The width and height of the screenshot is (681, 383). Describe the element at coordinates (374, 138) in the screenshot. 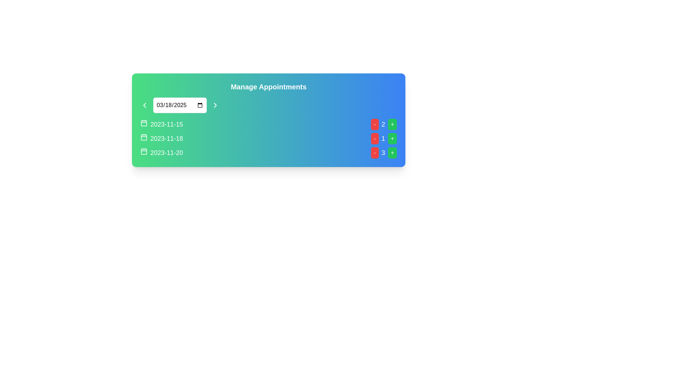

I see `the small red button with a minus sign ('-')` at that location.